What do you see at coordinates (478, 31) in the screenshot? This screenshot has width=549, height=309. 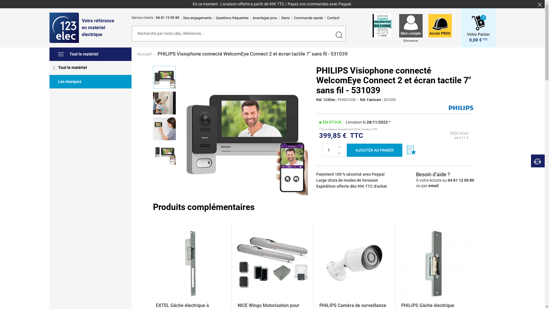 I see `'Votre Panier` at bounding box center [478, 31].